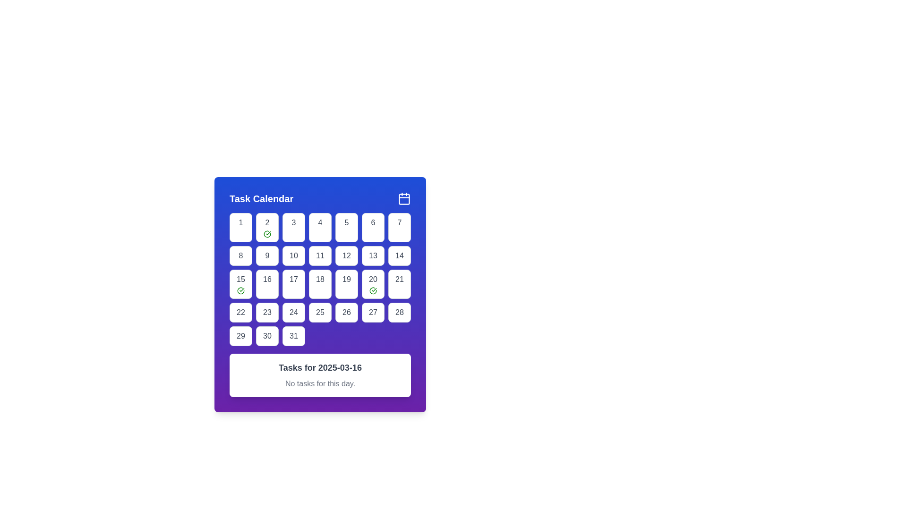 The image size is (907, 510). Describe the element at coordinates (346, 256) in the screenshot. I see `the static text element representing the 12th day of the month in the calendar interface, located in the fourth column of the second row, inside a rounded square cell` at that location.